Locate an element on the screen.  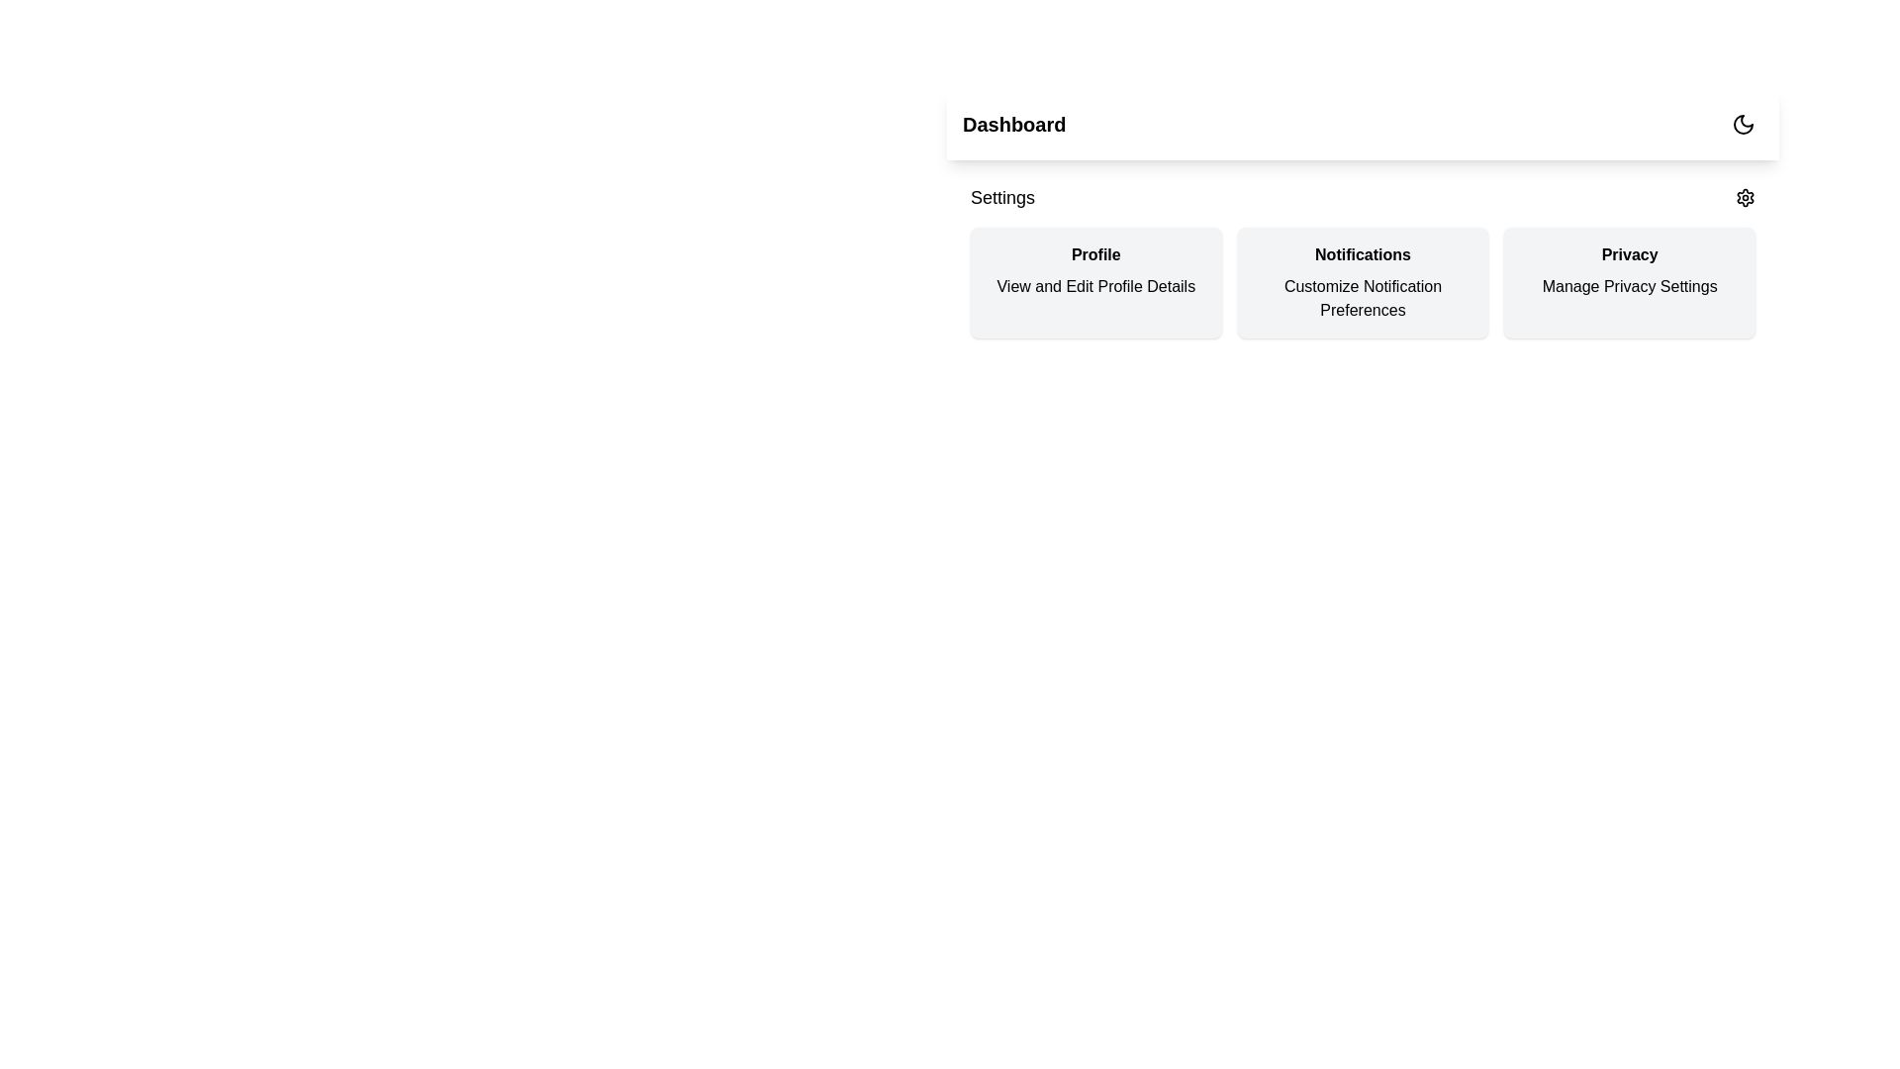
the privacy settings card, which is the third card in a horizontal grid layout is located at coordinates (1630, 282).